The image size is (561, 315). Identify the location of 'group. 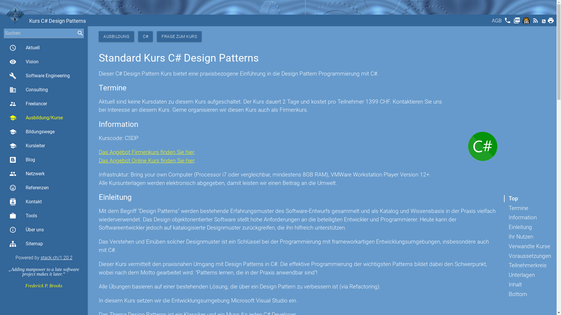
(43, 174).